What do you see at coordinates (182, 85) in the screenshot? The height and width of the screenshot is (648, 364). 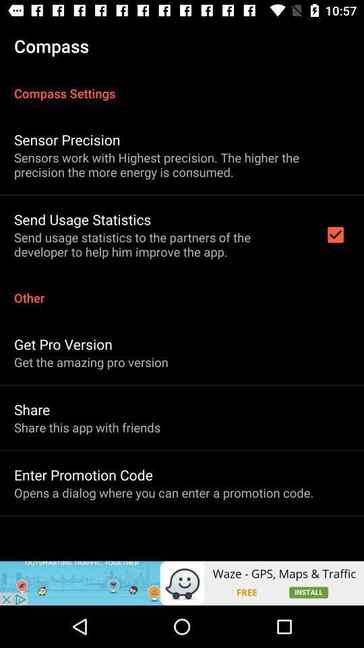 I see `item above the sensor precision item` at bounding box center [182, 85].